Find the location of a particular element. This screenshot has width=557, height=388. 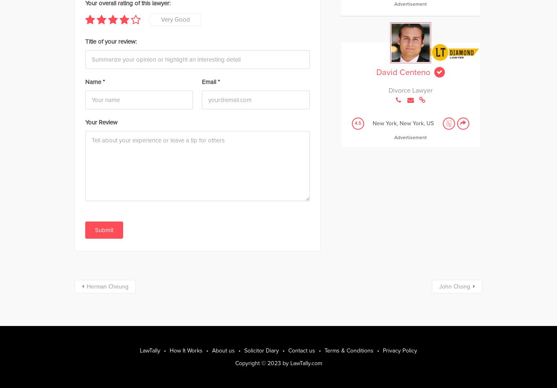

'Email' is located at coordinates (202, 81).